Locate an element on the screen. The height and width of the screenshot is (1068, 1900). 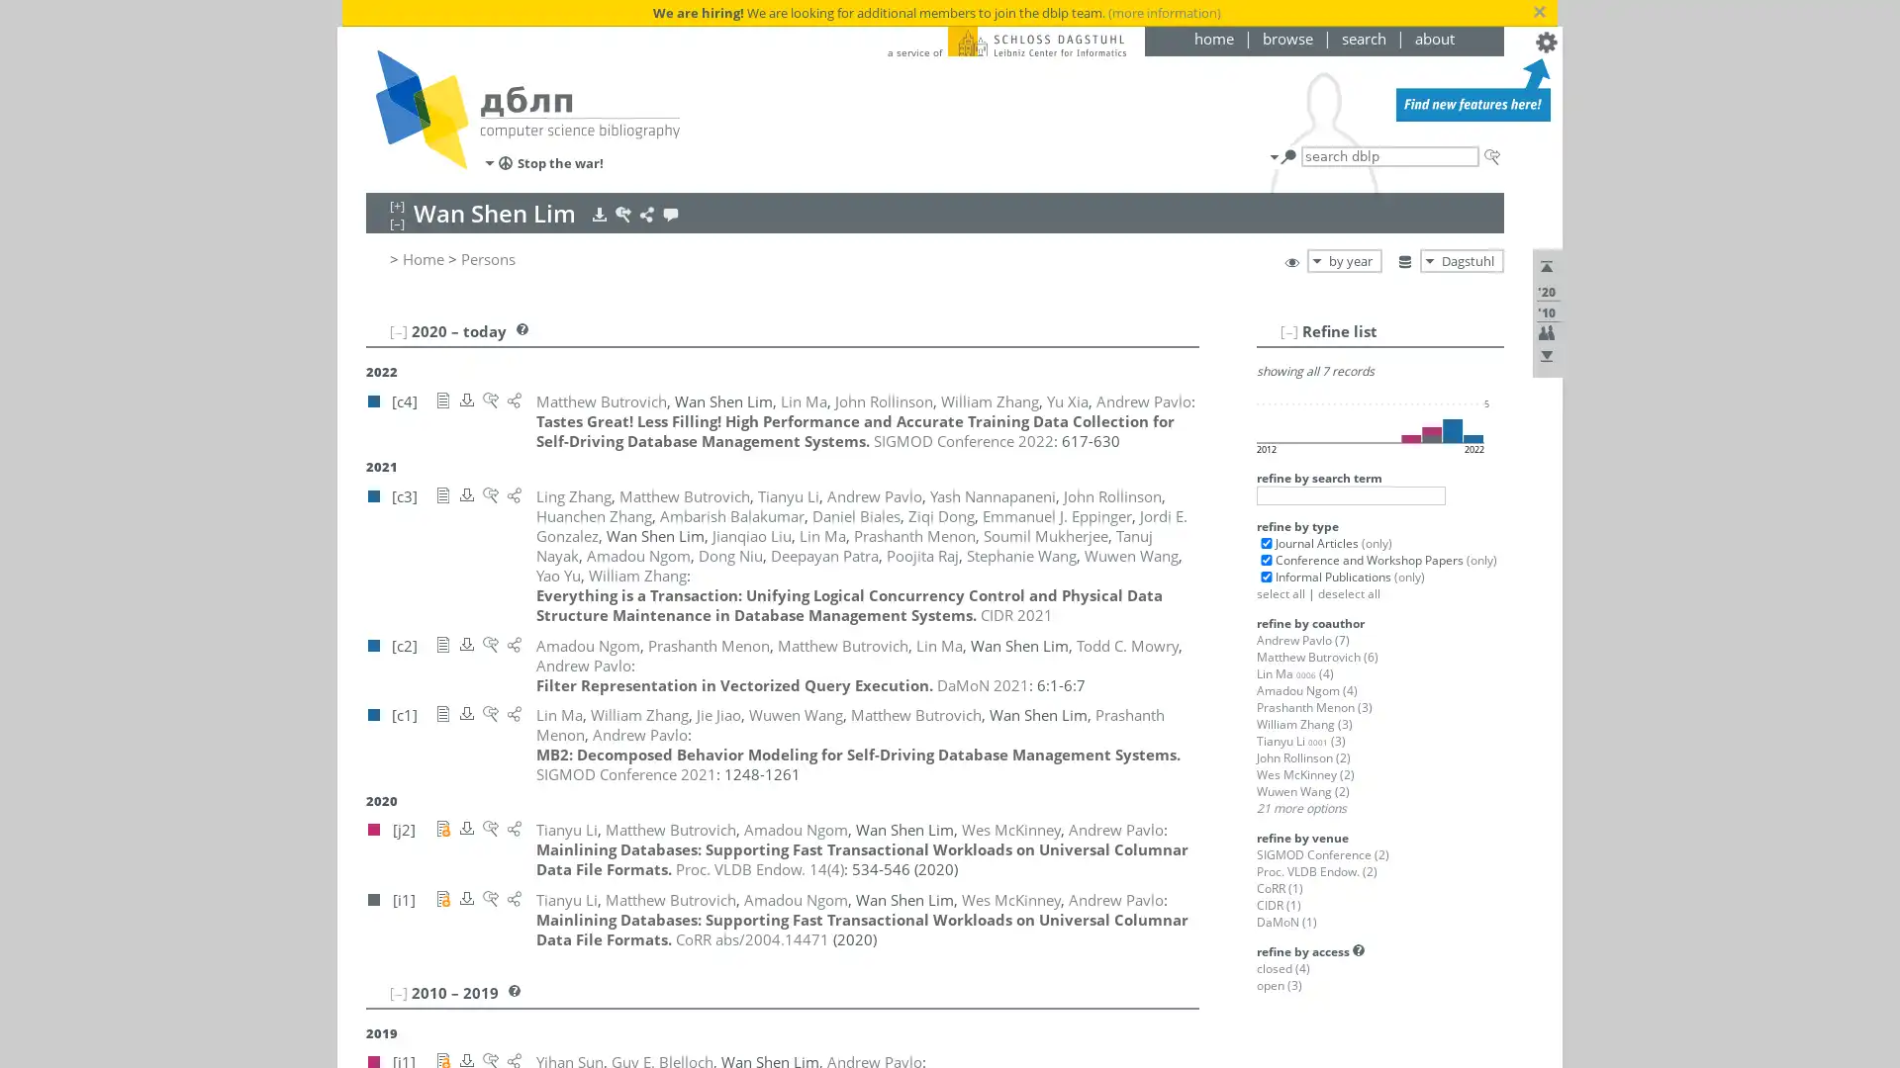
Prashanth Menon (3) is located at coordinates (1314, 706).